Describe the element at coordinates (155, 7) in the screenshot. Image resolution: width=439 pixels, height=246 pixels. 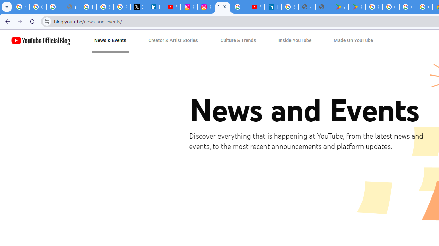
I see `'LinkedIn Privacy Policy'` at that location.